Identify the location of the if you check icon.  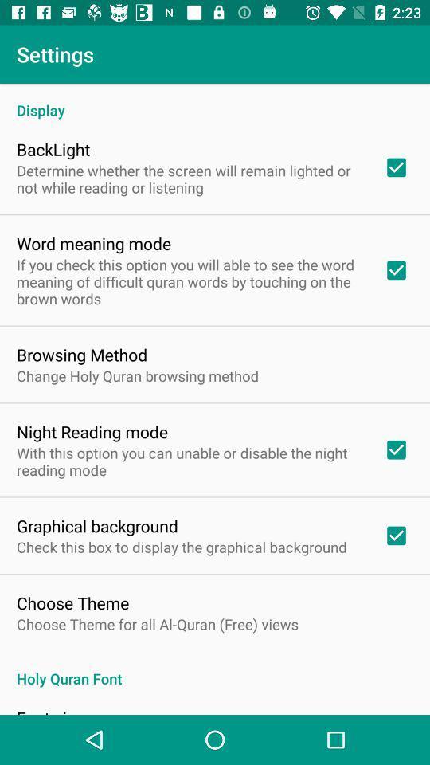
(190, 281).